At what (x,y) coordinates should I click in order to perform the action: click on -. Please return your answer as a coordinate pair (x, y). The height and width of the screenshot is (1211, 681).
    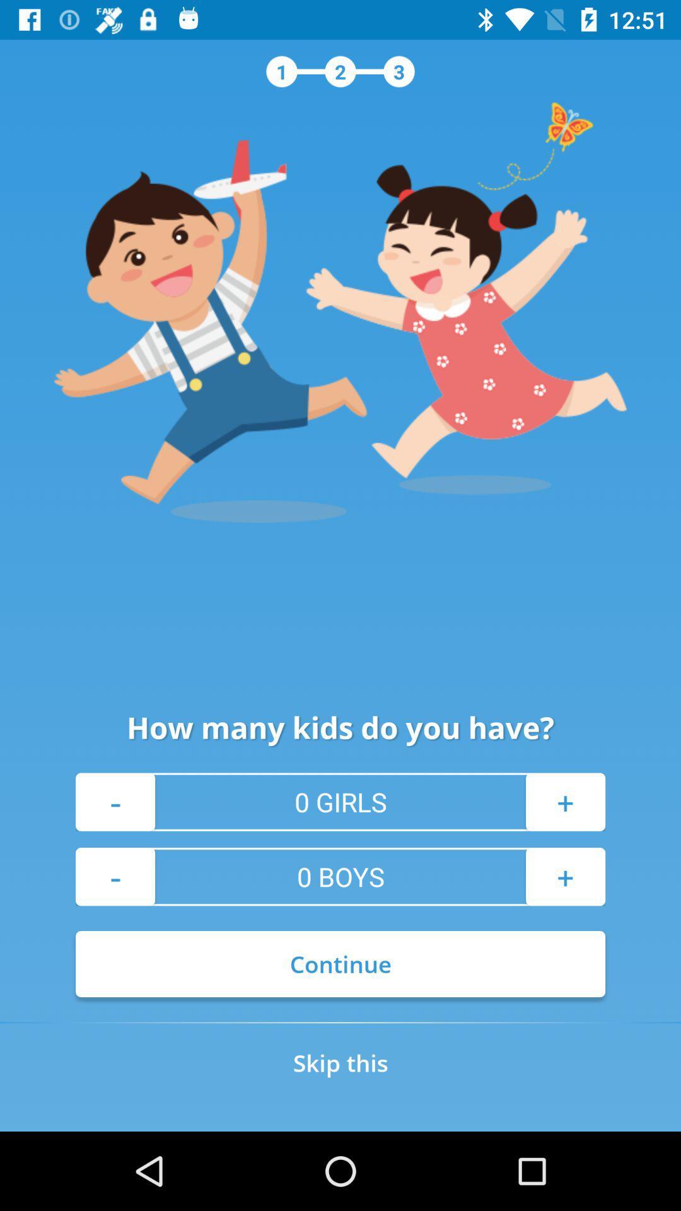
    Looking at the image, I should click on (115, 876).